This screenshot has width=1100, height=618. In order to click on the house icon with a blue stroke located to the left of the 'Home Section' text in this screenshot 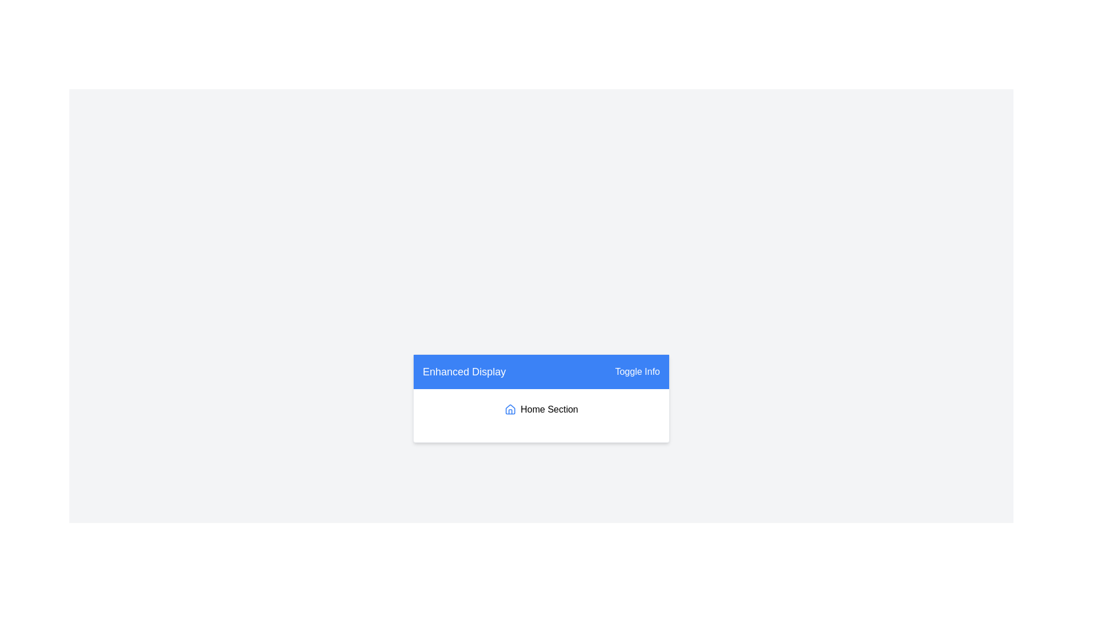, I will do `click(509, 409)`.